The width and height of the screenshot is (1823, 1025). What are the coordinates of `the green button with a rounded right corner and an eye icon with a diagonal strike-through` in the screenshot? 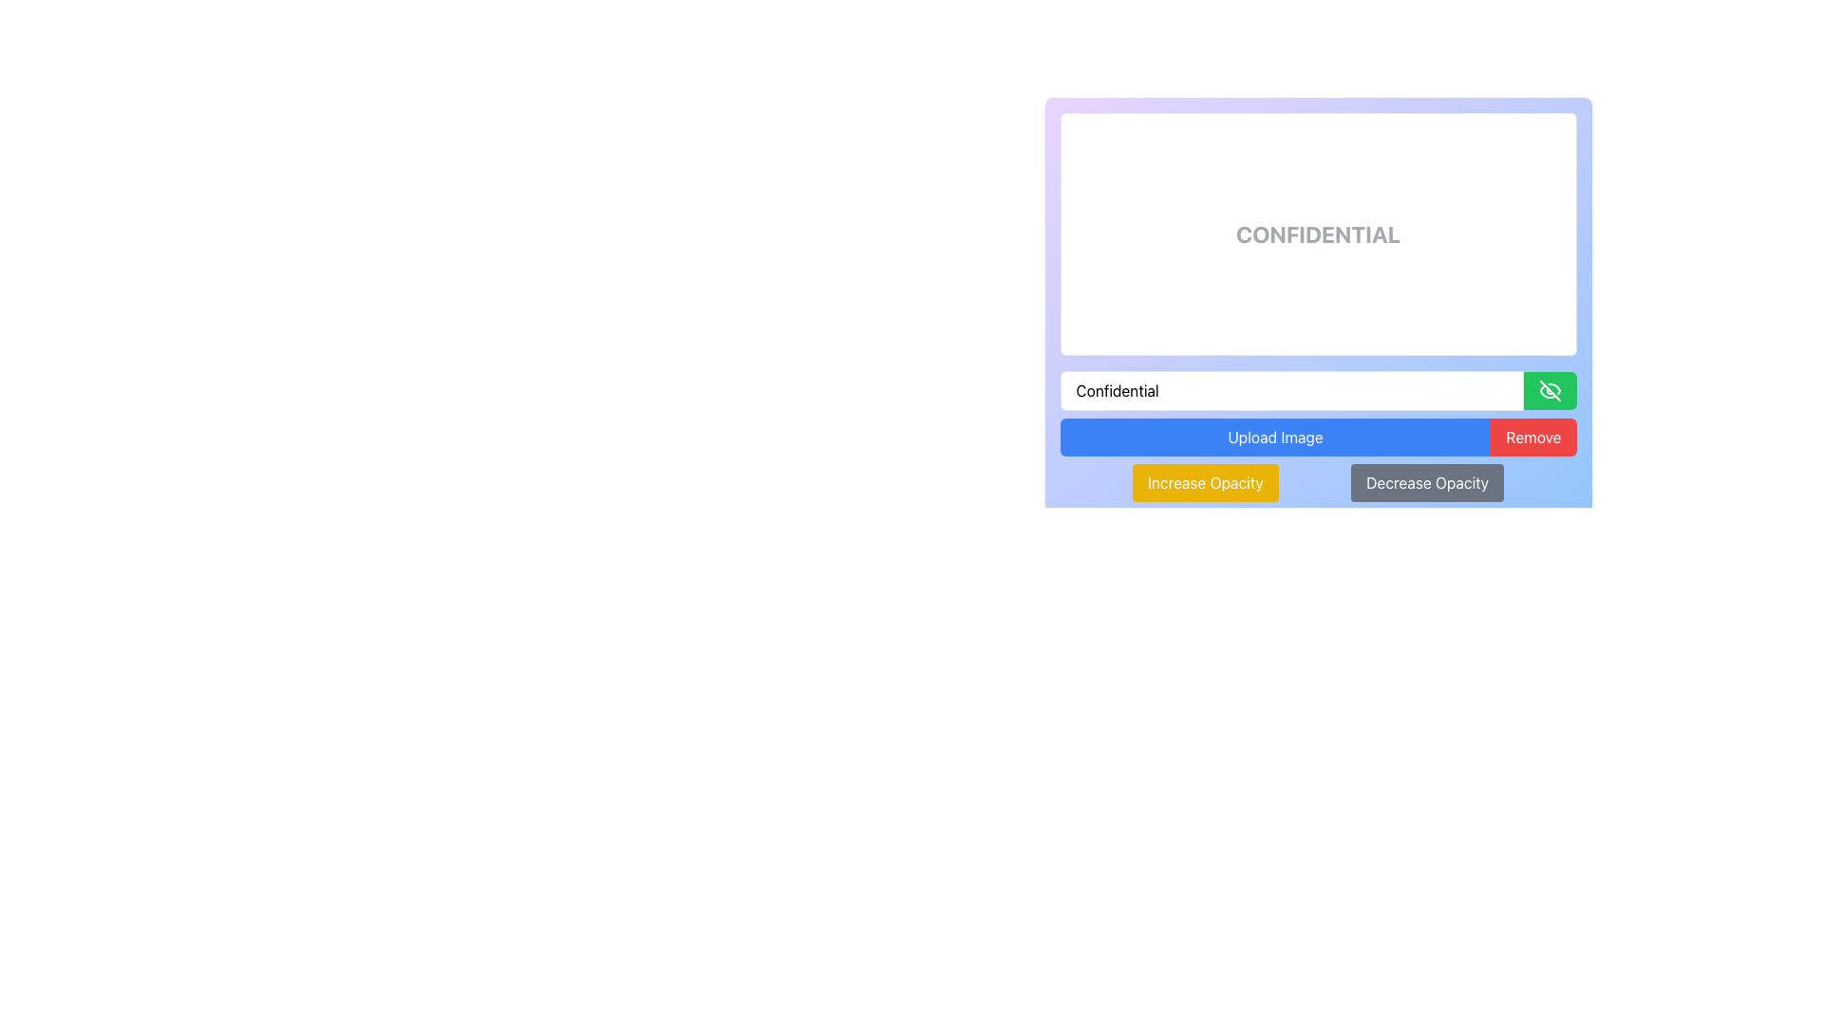 It's located at (1550, 390).